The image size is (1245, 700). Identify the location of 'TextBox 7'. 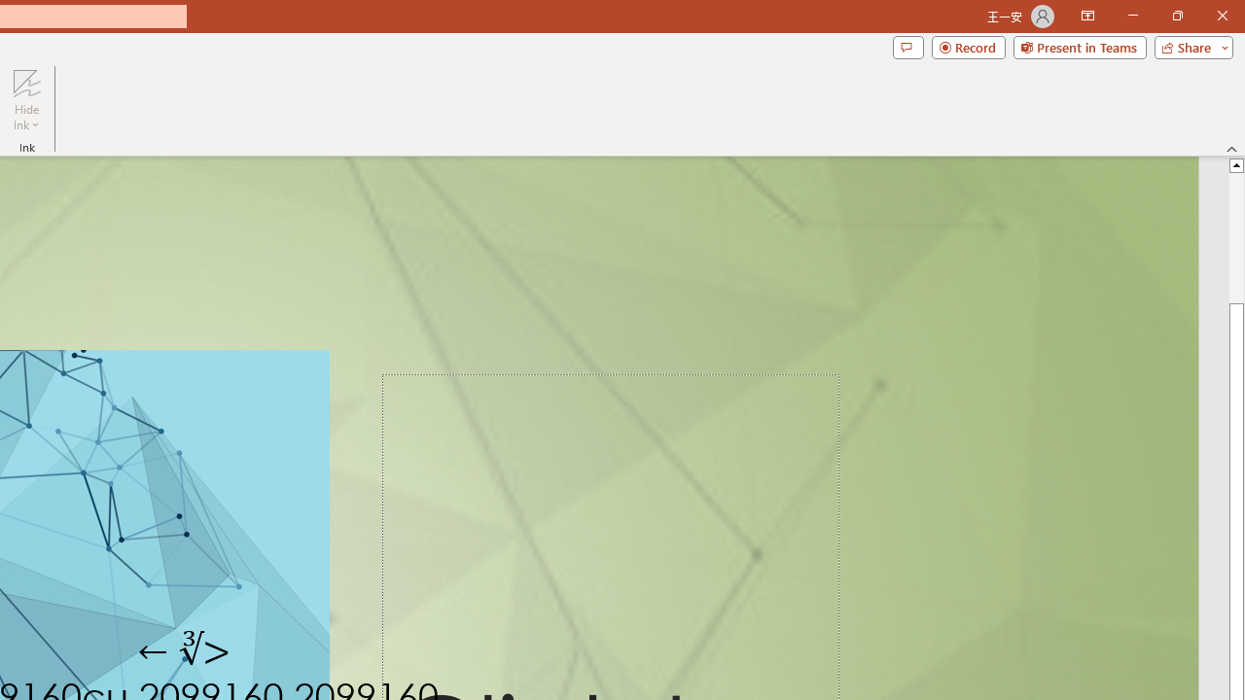
(185, 650).